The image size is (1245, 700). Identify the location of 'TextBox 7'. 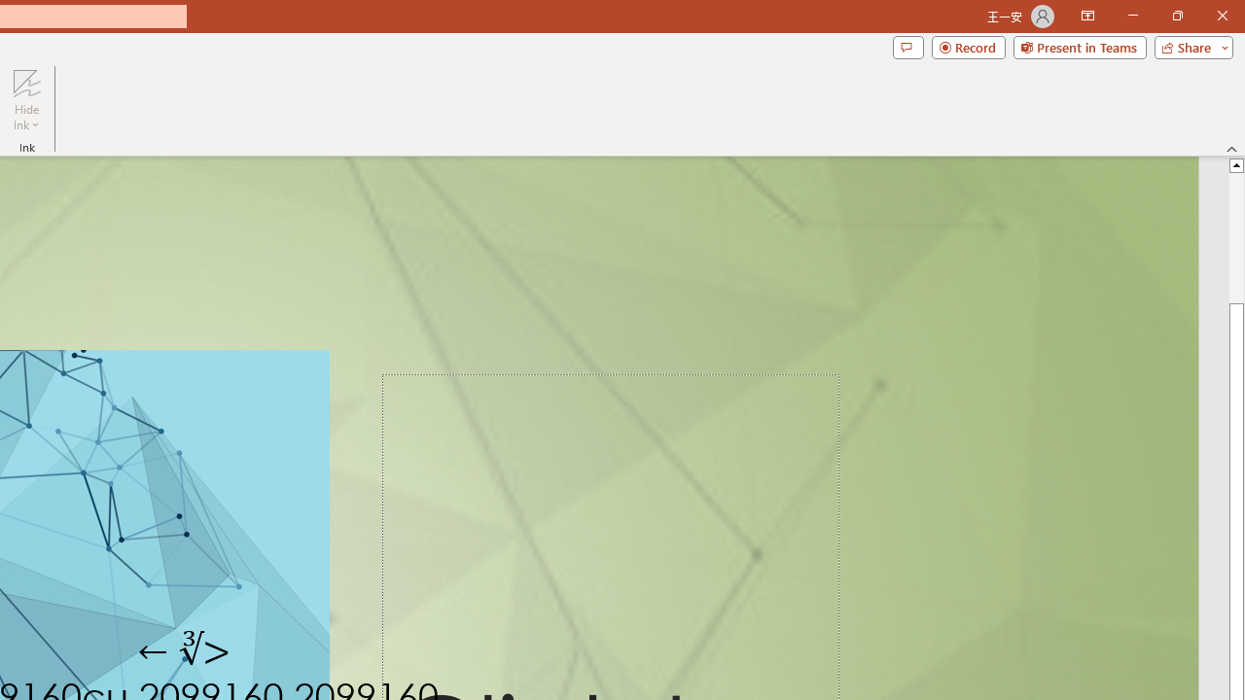
(185, 650).